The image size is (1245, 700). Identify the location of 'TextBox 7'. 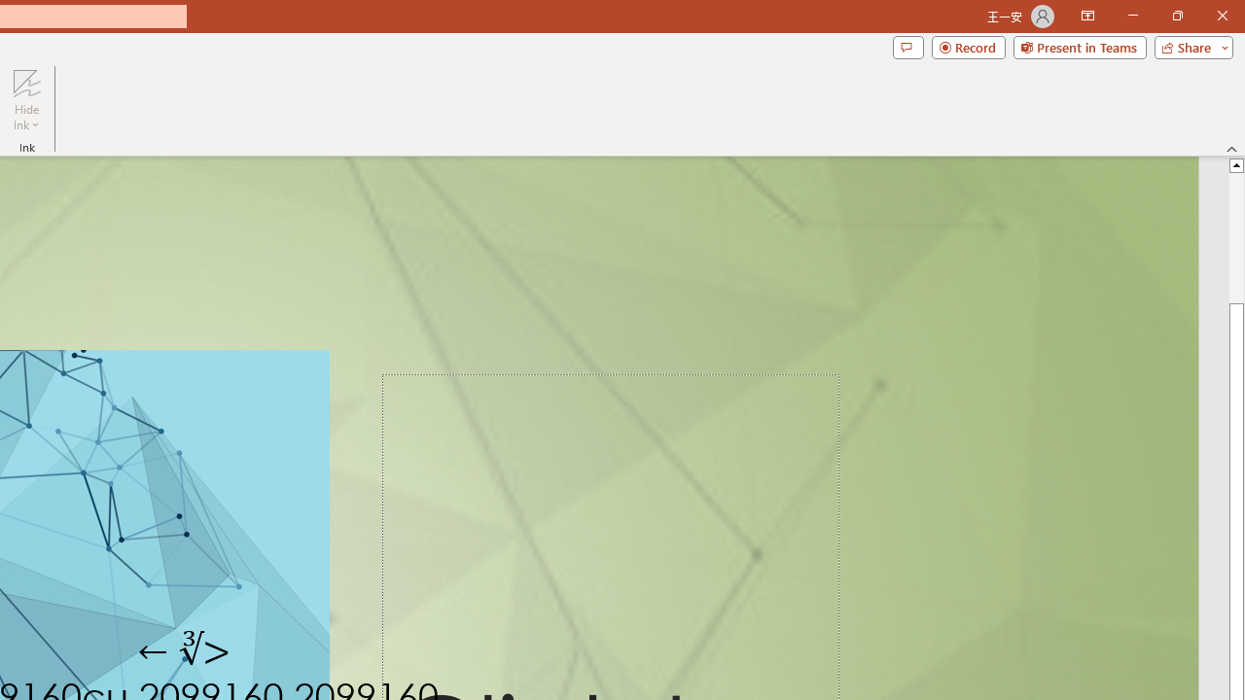
(185, 650).